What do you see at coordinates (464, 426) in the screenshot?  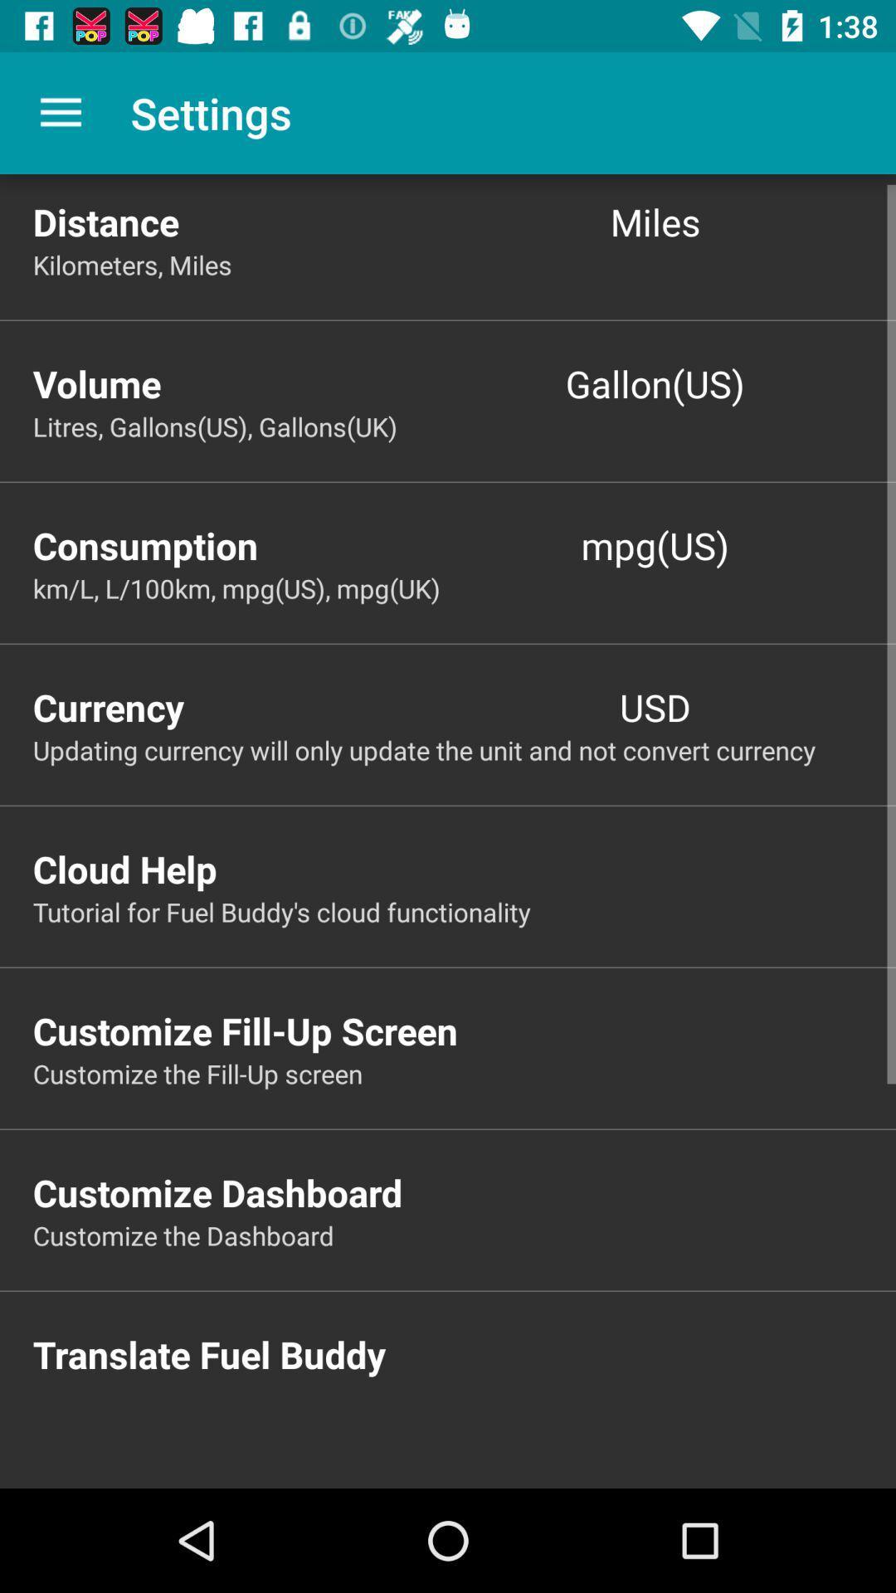 I see `the litres gallons us` at bounding box center [464, 426].